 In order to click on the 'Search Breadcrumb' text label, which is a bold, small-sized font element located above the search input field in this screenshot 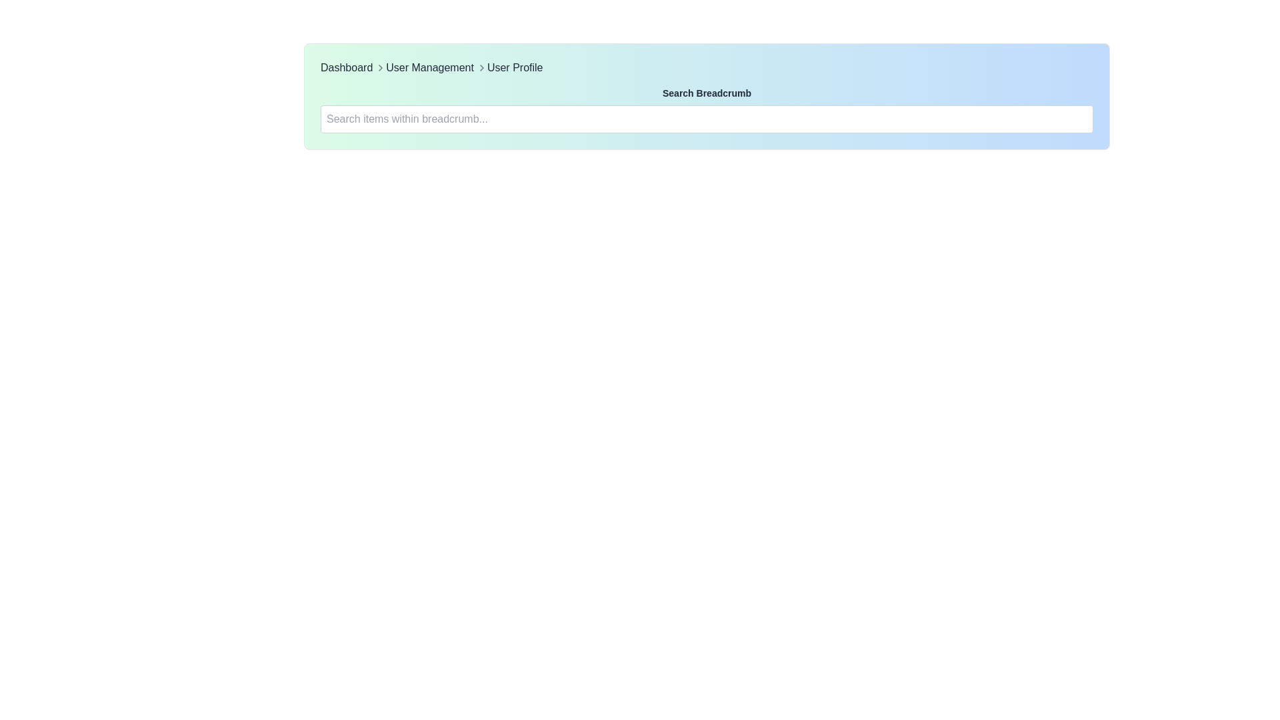, I will do `click(706, 92)`.